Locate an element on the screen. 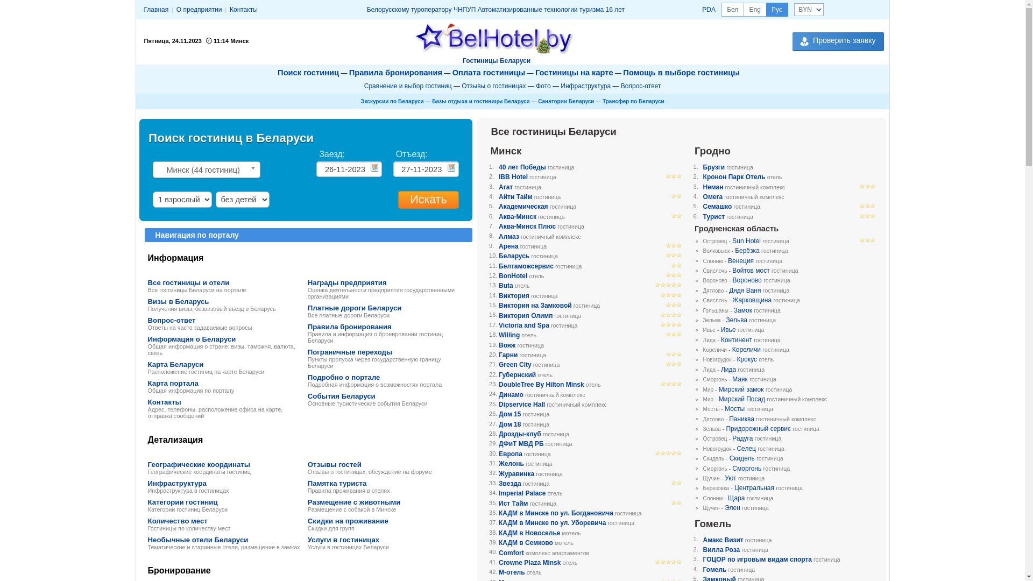  'PDA' is located at coordinates (702, 10).